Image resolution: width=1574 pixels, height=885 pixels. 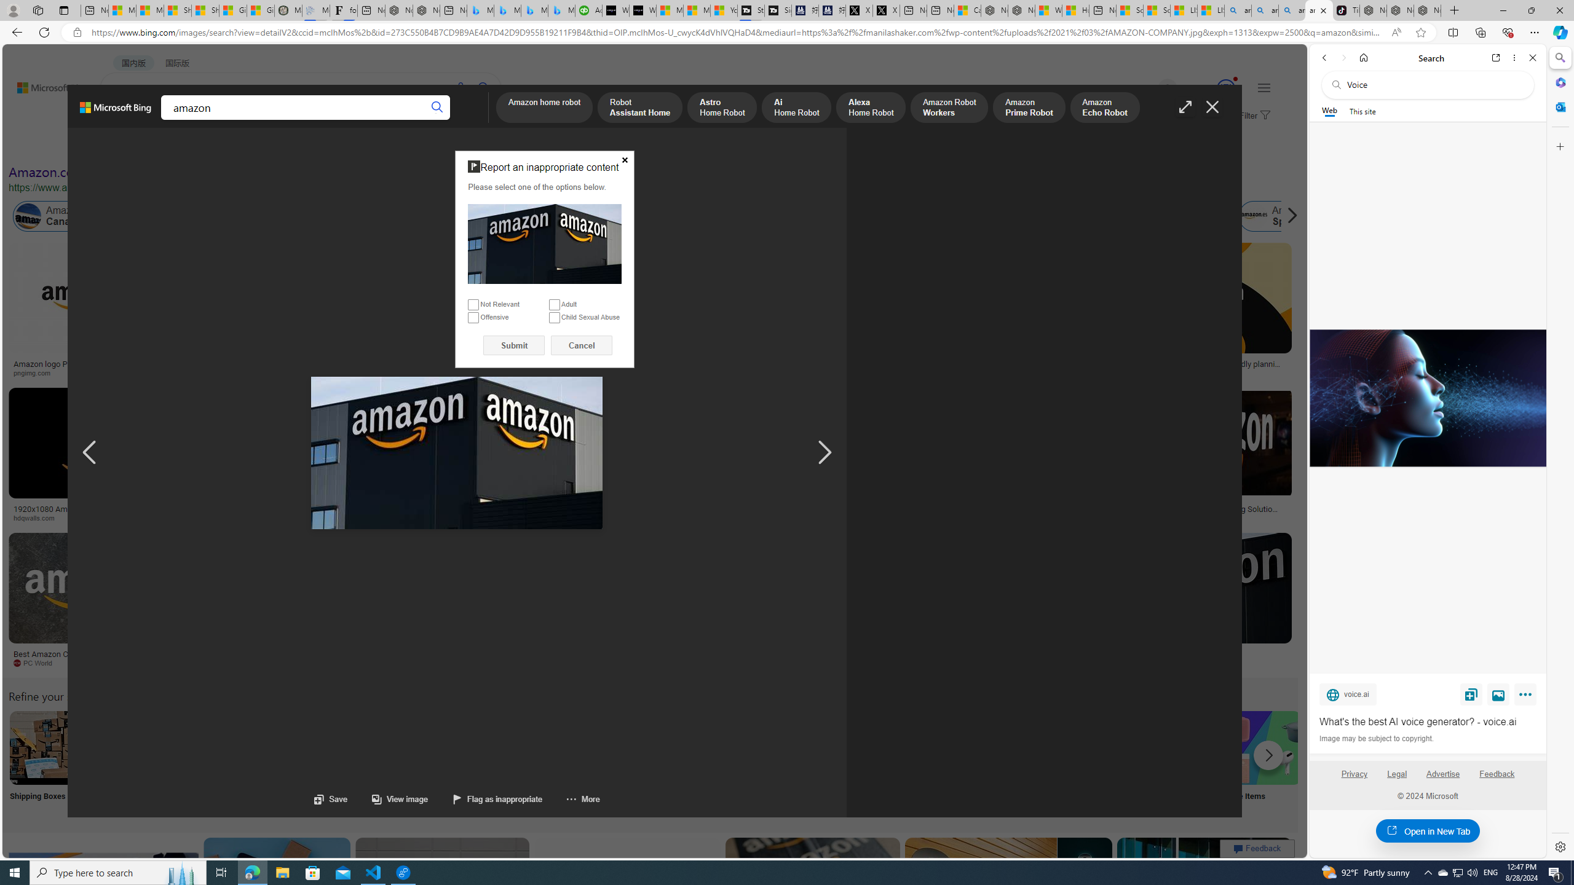 I want to click on 'hdqwalls.com', so click(x=38, y=517).